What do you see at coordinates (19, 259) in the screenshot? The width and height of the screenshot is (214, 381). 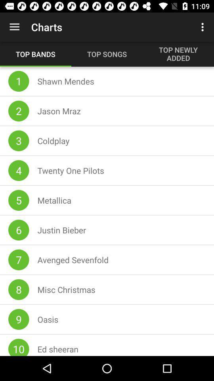 I see `the 7 icon` at bounding box center [19, 259].